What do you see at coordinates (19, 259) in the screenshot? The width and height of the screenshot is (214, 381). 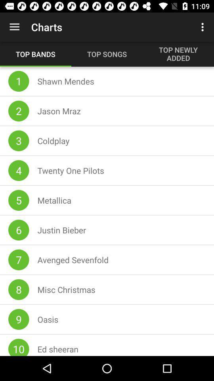 I see `the 7 icon` at bounding box center [19, 259].